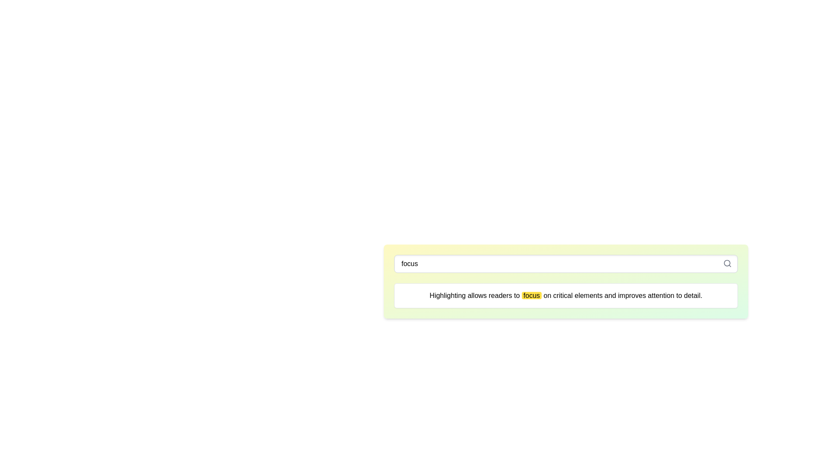 The image size is (828, 465). I want to click on the magnifying glass icon located to the right inside the input field to trigger tooltip or visual feedback, so click(727, 263).